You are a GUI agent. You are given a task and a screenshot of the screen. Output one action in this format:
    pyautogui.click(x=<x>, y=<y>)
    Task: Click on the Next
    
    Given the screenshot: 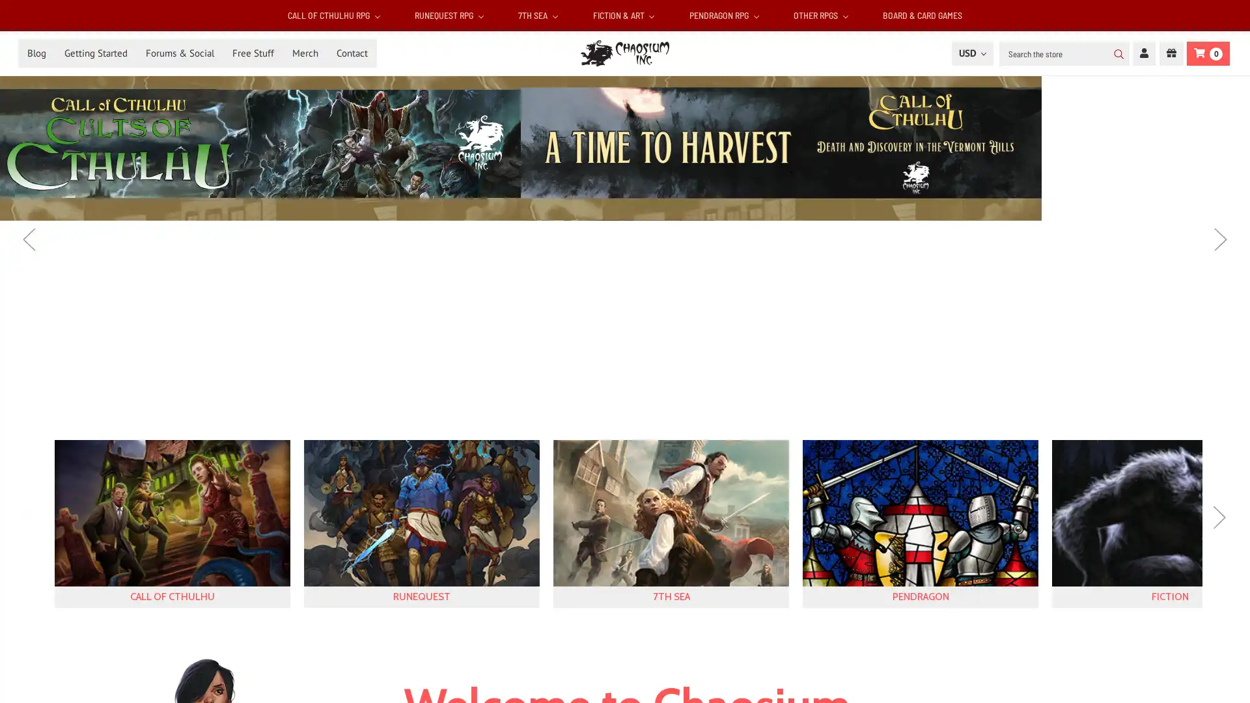 What is the action you would take?
    pyautogui.click(x=1218, y=529)
    